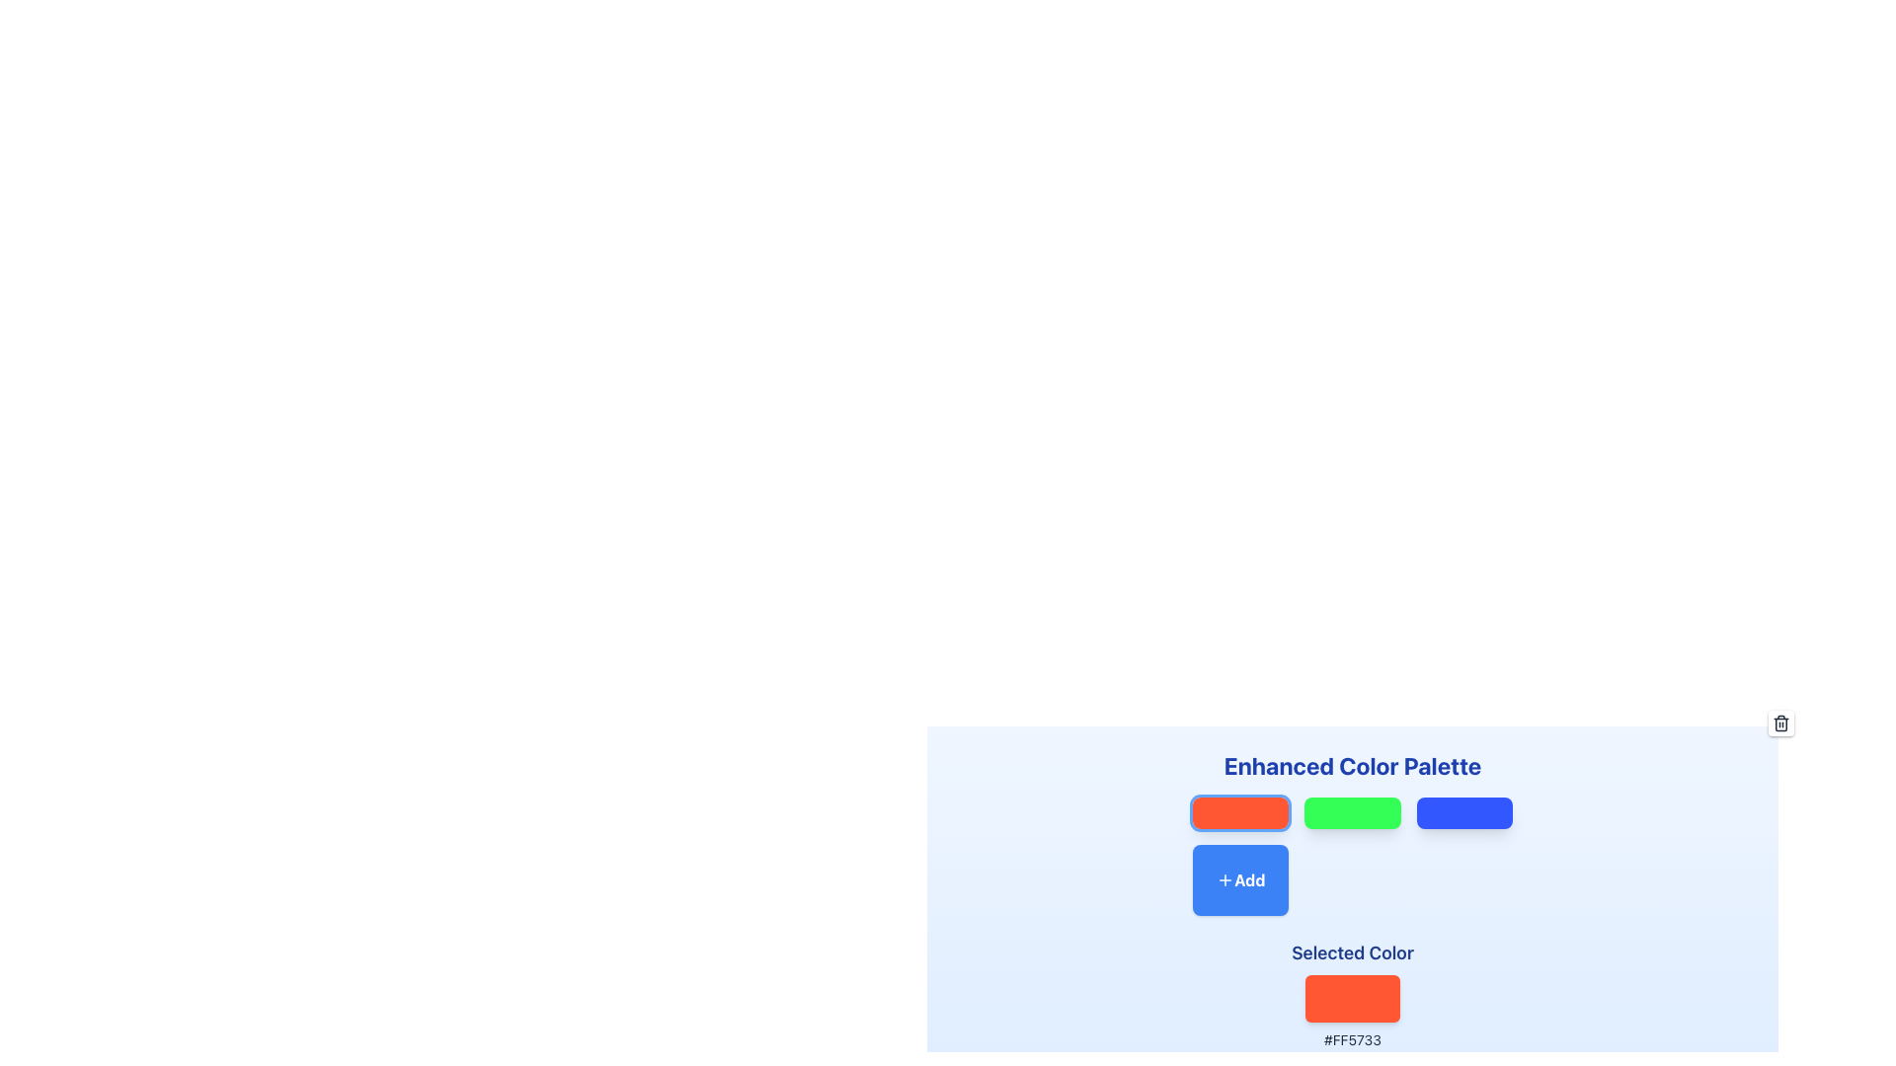 The height and width of the screenshot is (1066, 1896). I want to click on the Text Label at the top center of the subsection titled 'Enhanced Color Palette', which indicates the purpose or theme for the user, so click(1351, 764).